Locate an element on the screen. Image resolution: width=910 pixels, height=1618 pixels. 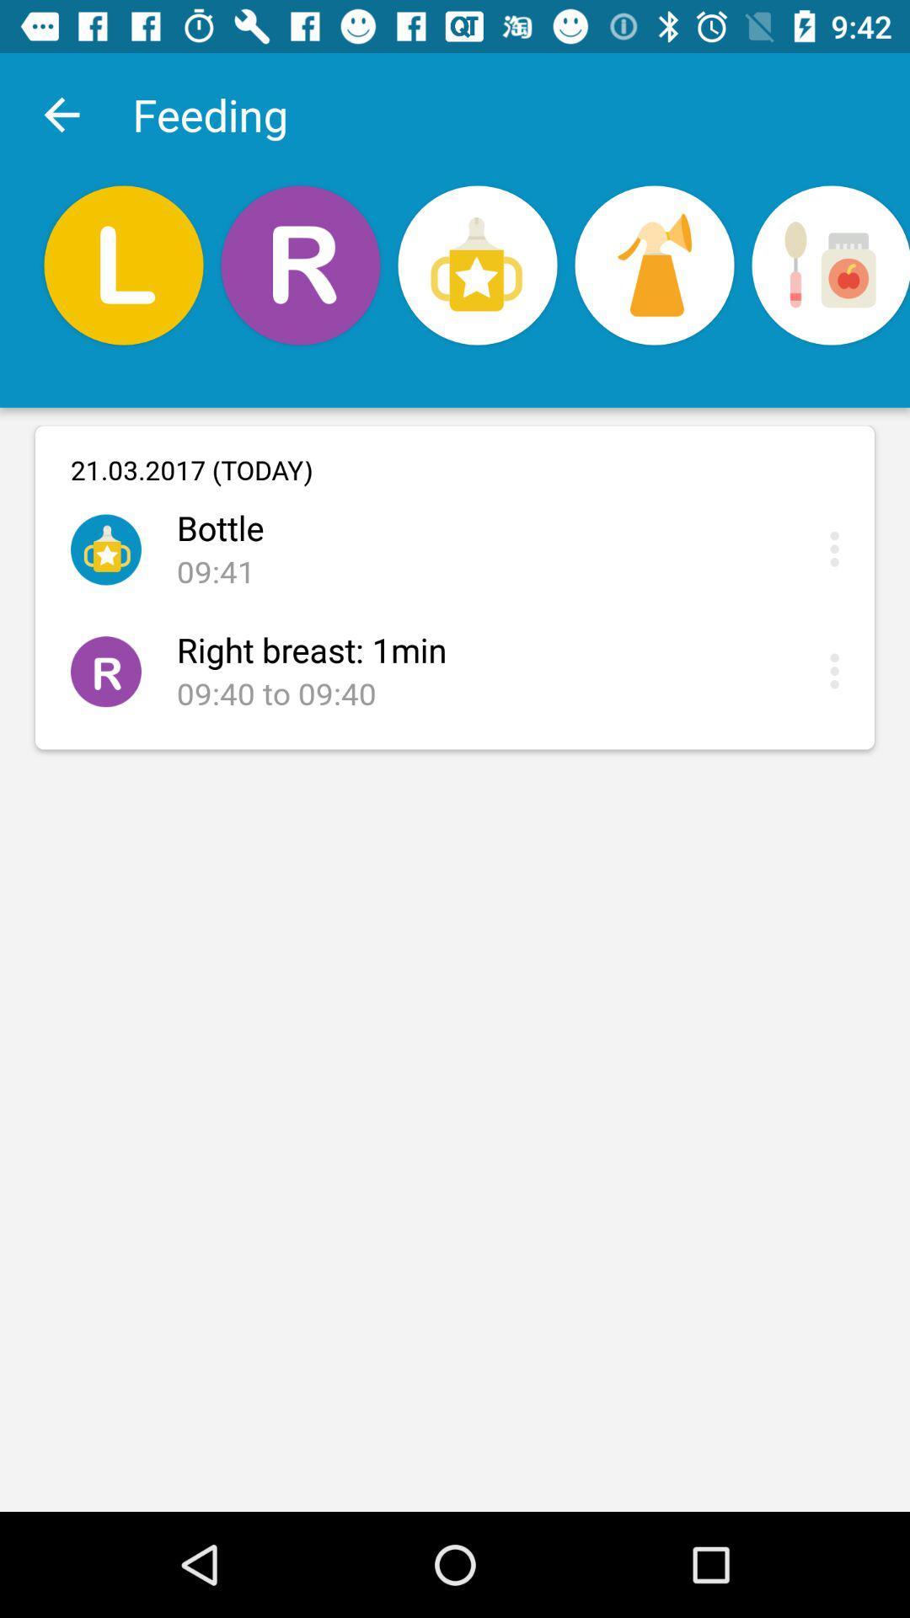
options is located at coordinates (838, 549).